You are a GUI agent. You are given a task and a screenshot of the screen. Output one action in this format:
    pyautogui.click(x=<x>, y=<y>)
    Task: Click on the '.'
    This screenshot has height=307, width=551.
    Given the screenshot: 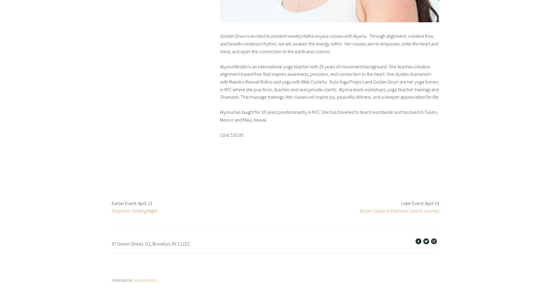 What is the action you would take?
    pyautogui.click(x=157, y=280)
    